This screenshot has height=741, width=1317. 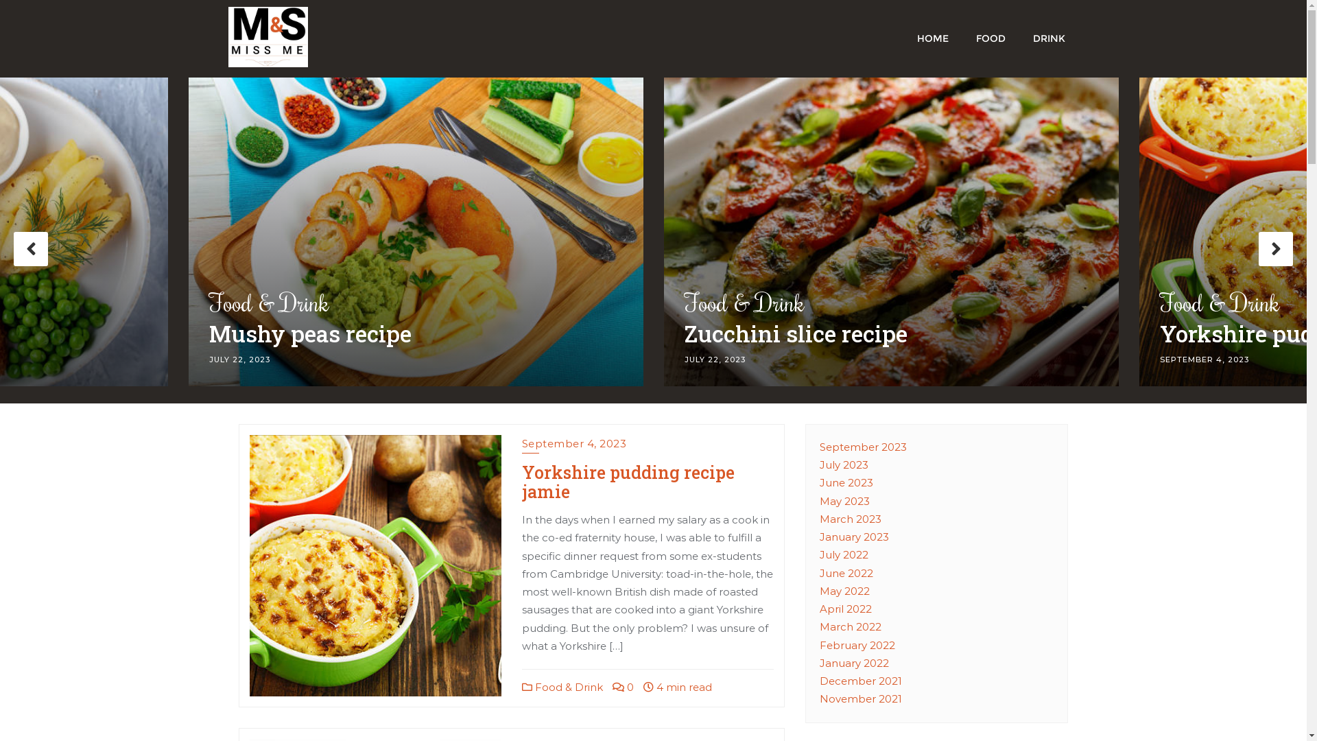 I want to click on 'May 2022', so click(x=844, y=590).